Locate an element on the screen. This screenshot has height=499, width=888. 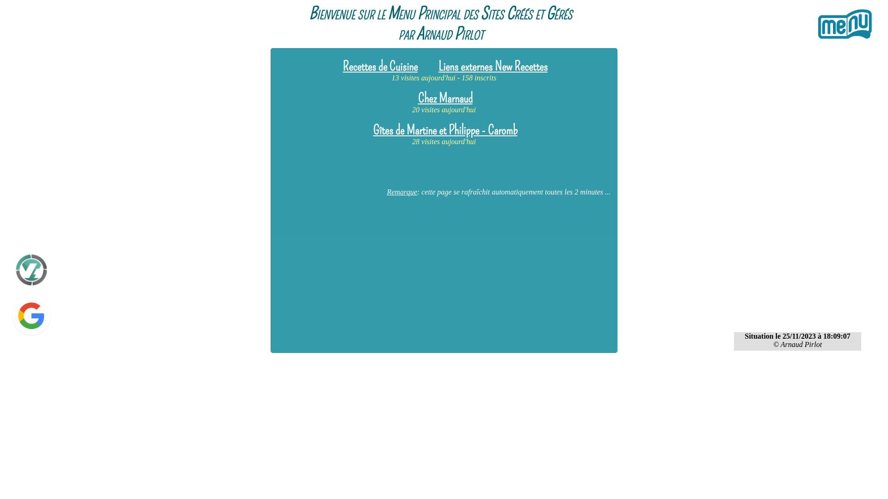
'Google' is located at coordinates (31, 316).